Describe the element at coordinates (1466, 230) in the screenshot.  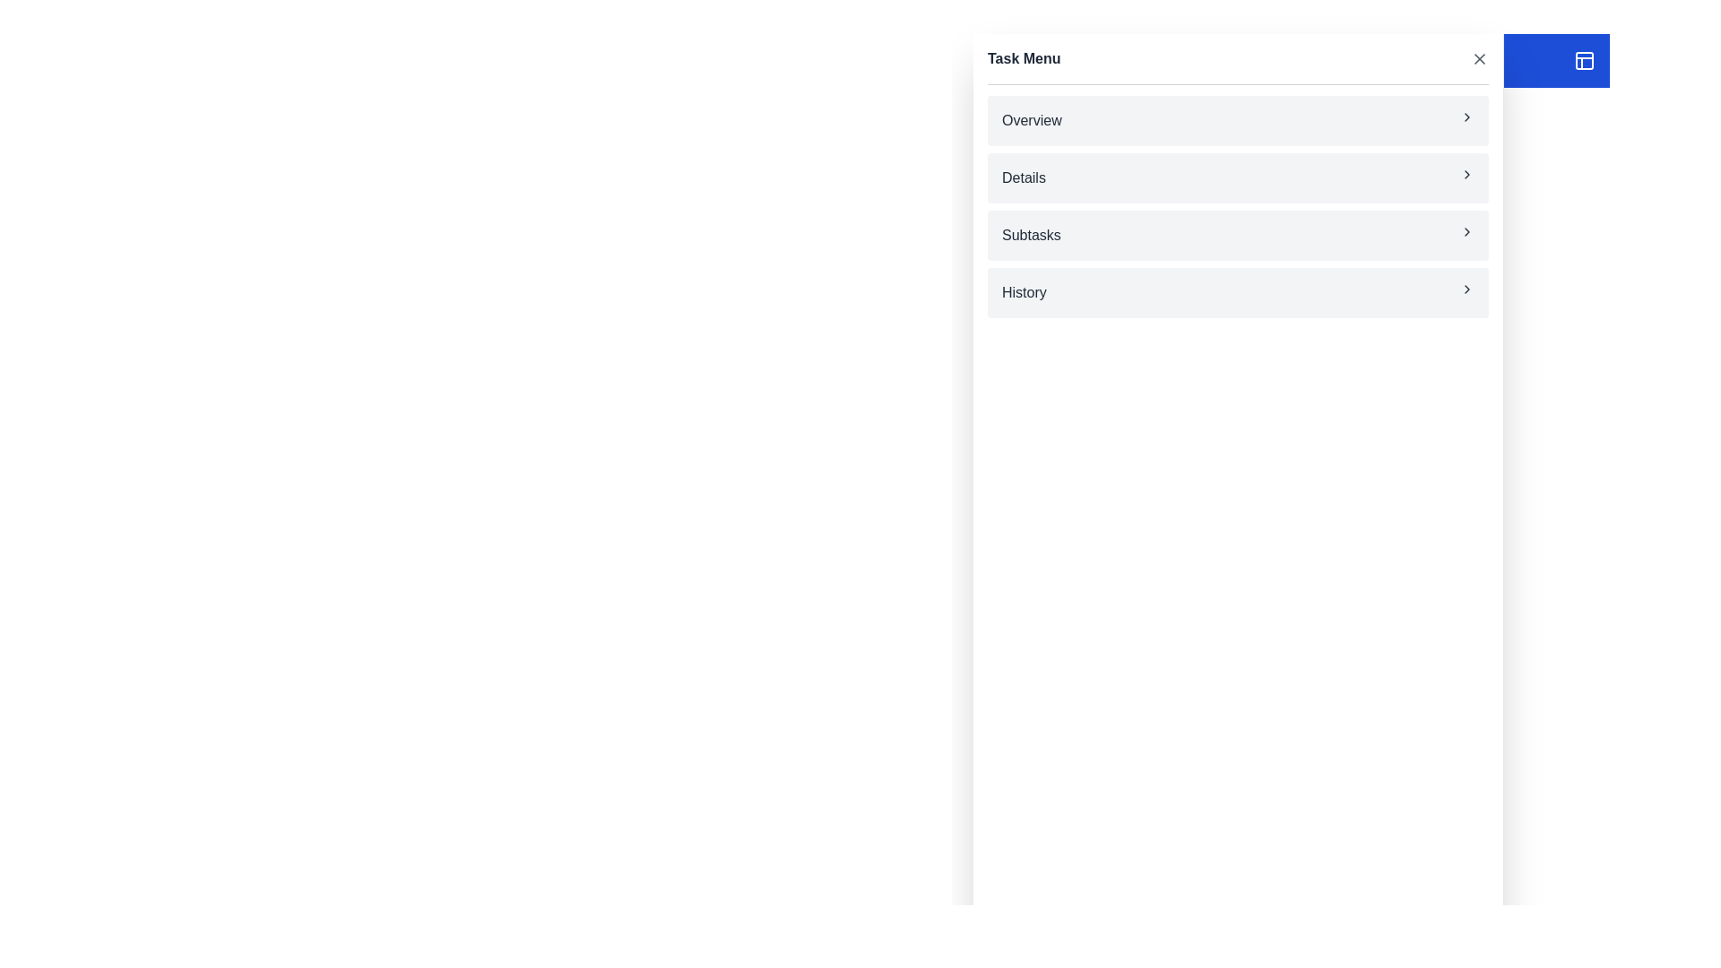
I see `the right-pointing chevron icon located at the right side of the 'Subtasks' row in the vertical menu` at that location.